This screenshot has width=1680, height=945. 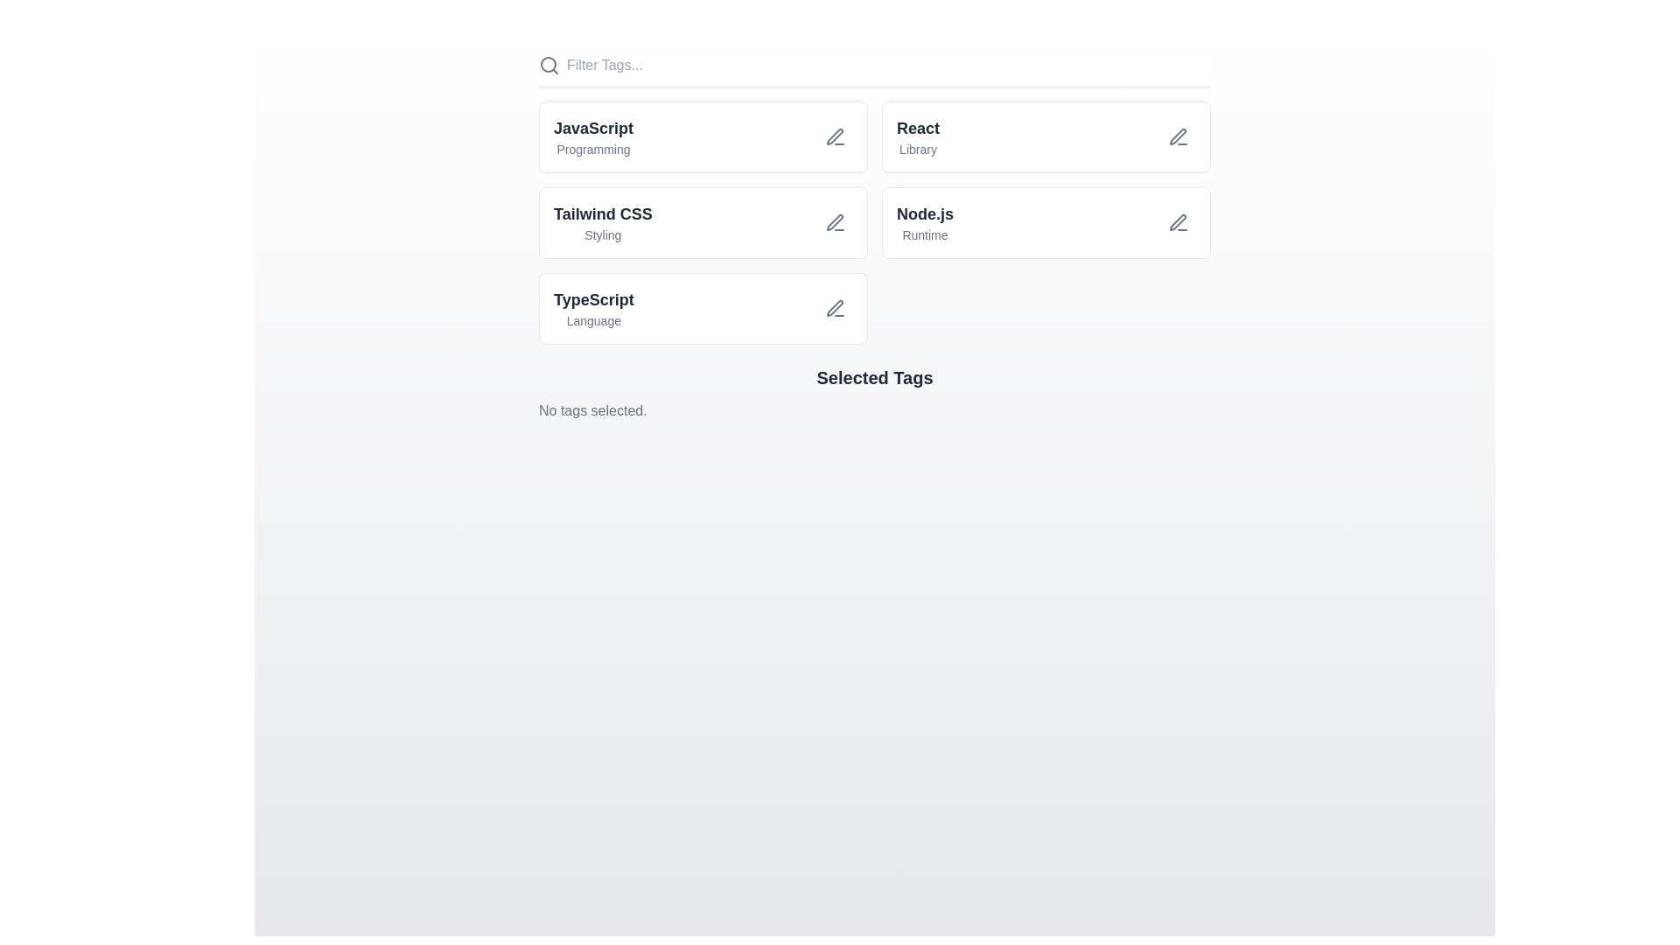 I want to click on the 'TypeScript' selectable card, which features the upper text 'TypeScript' in large bold font and lower text 'Language' in smaller gray font, so click(x=593, y=308).